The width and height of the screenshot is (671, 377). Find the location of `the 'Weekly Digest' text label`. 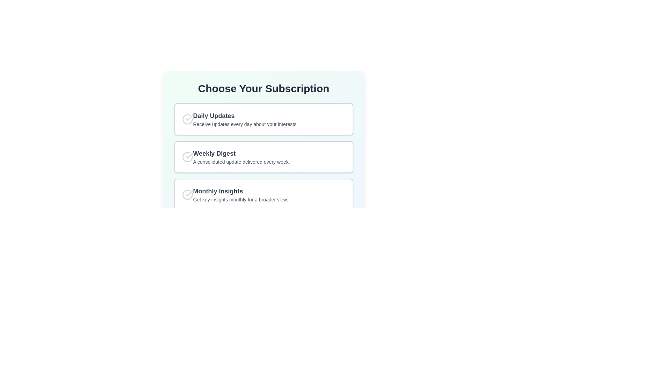

the 'Weekly Digest' text label is located at coordinates (241, 153).